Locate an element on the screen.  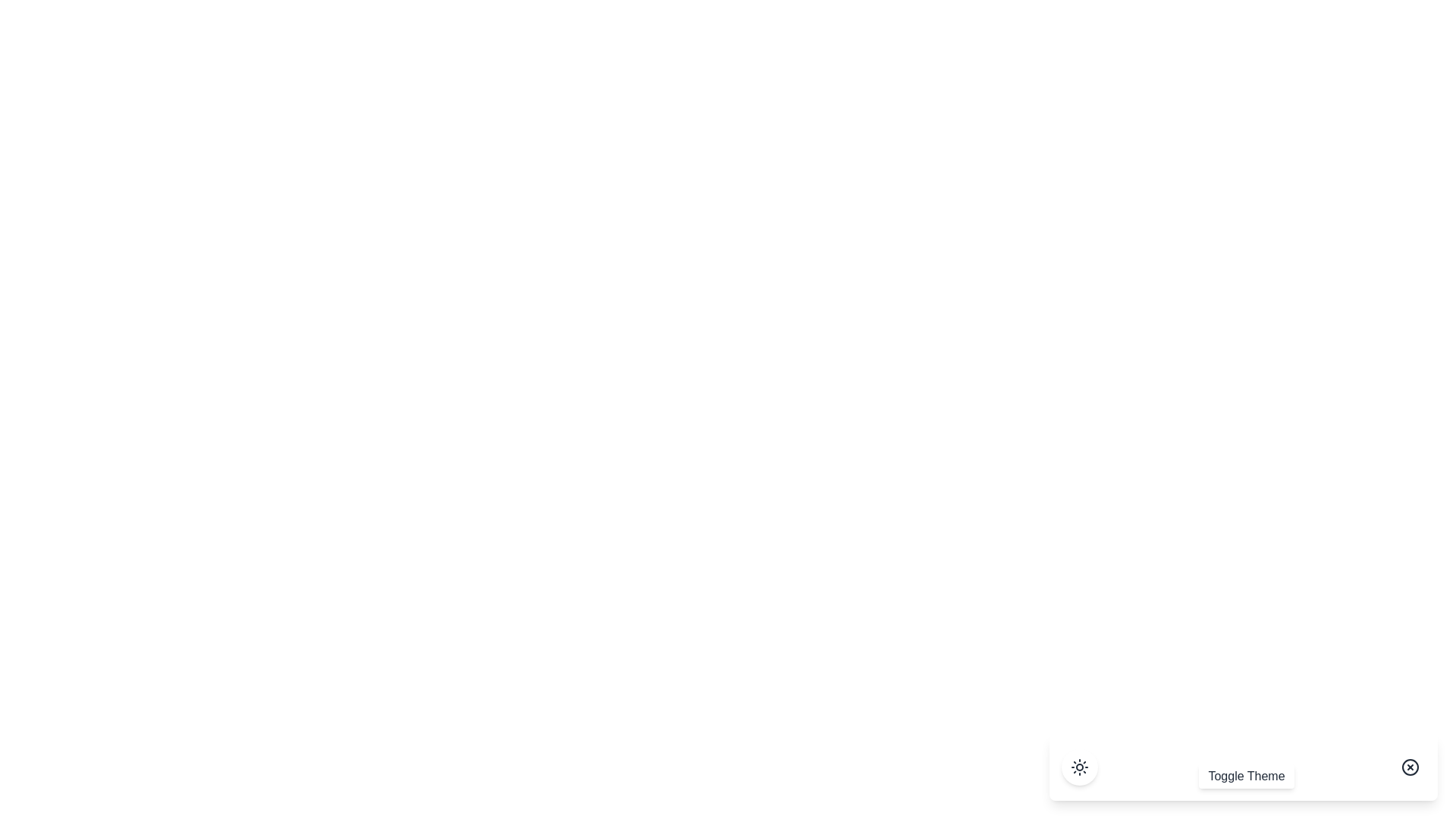
the toggle theme button to switch between day and night themes is located at coordinates (1079, 767).